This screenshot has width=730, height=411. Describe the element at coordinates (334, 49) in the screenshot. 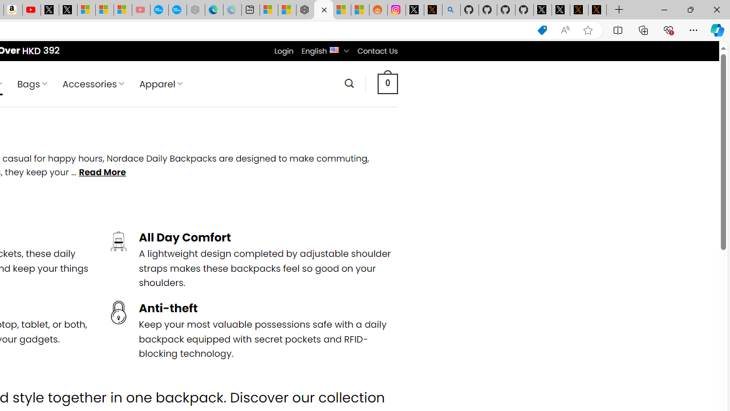

I see `'English'` at that location.